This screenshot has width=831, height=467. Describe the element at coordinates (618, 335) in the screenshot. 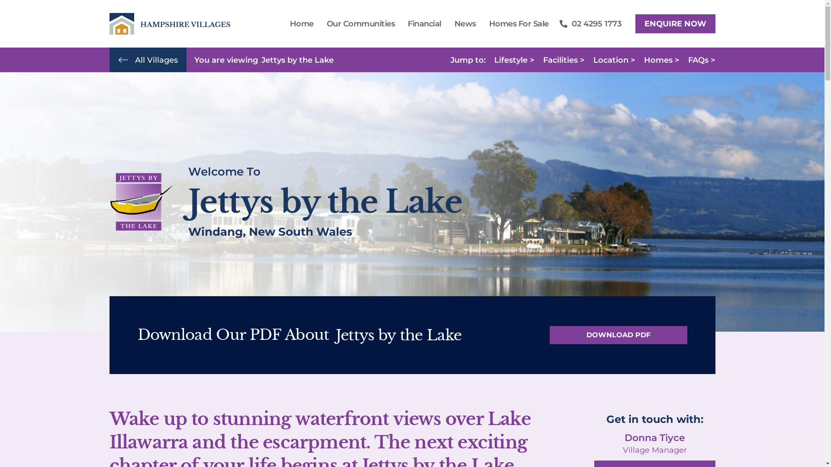

I see `'DOWNLOAD PDF'` at that location.